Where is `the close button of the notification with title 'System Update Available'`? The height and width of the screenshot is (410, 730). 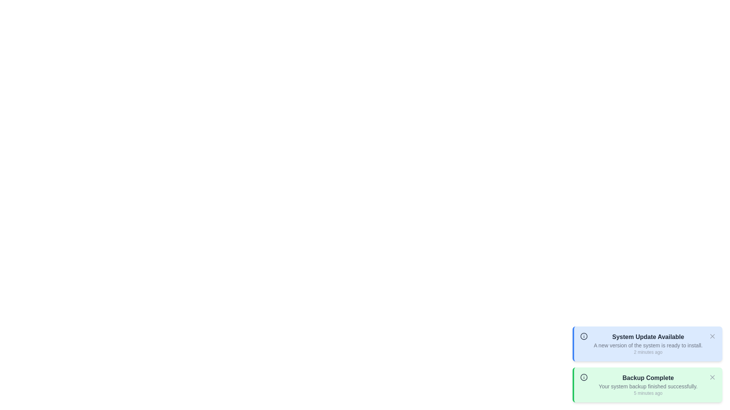
the close button of the notification with title 'System Update Available' is located at coordinates (712, 336).